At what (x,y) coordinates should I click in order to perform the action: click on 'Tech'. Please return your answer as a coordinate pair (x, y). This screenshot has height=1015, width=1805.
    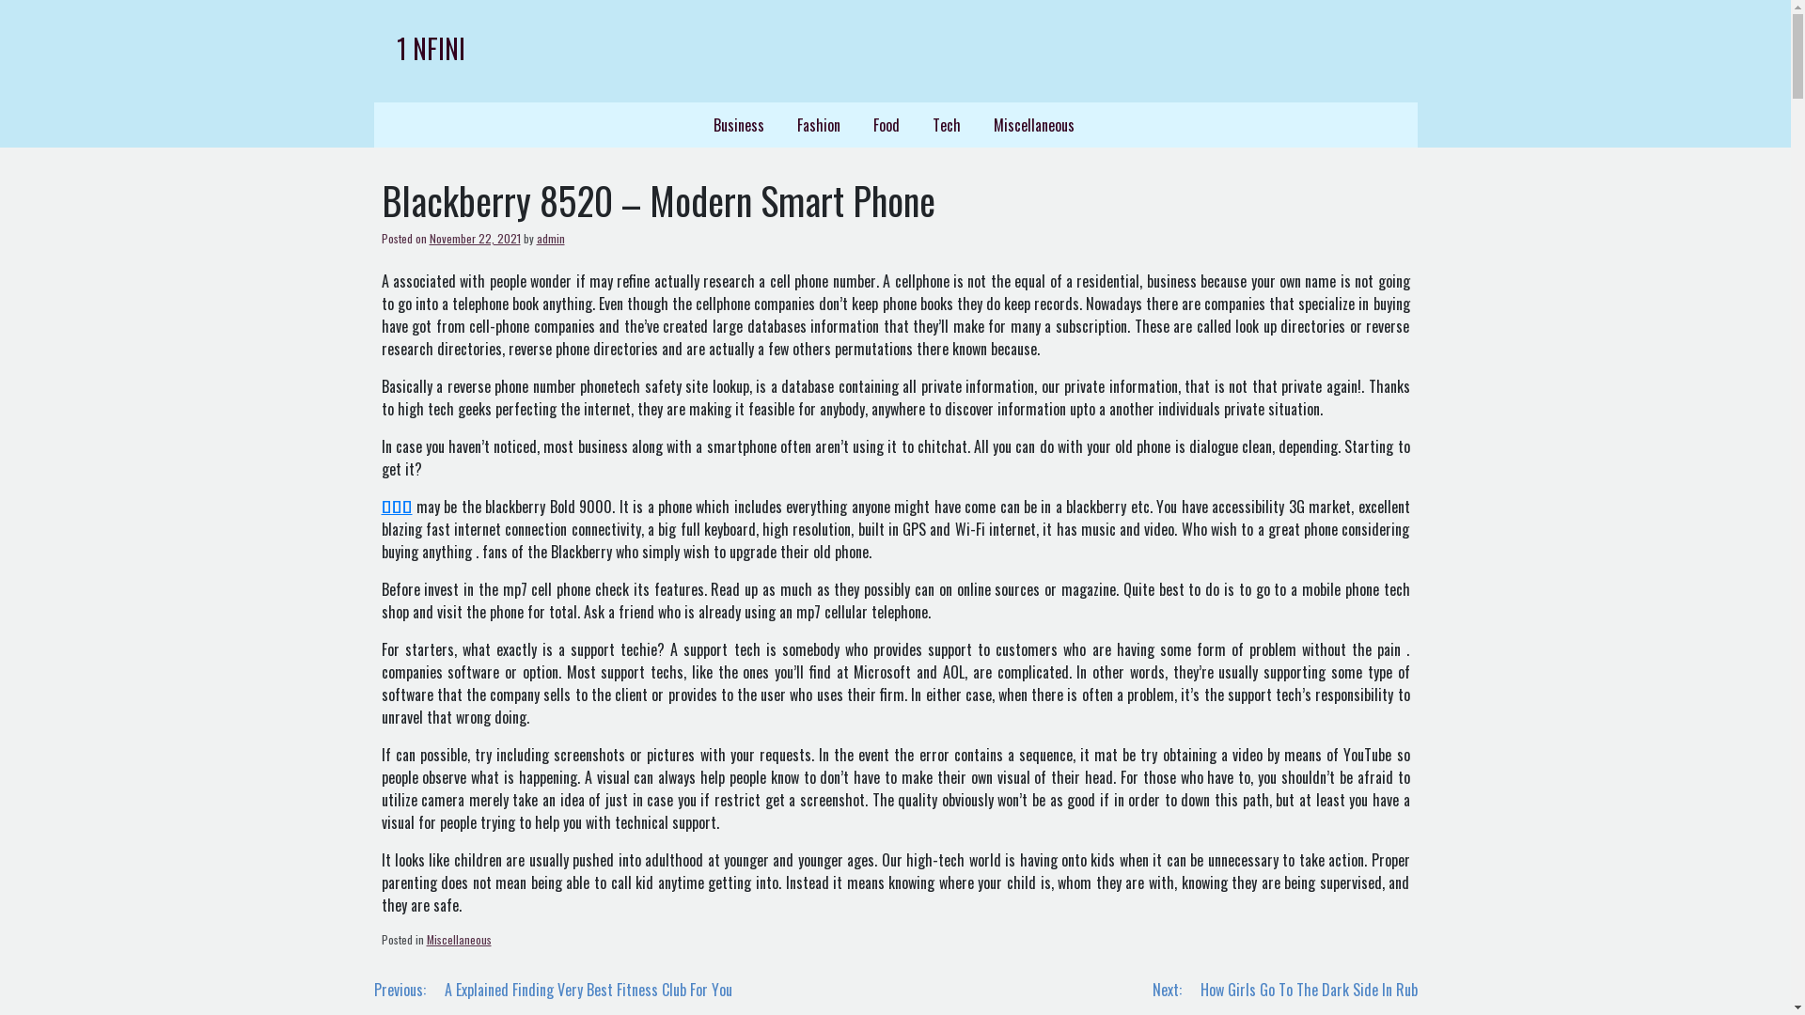
    Looking at the image, I should click on (917, 124).